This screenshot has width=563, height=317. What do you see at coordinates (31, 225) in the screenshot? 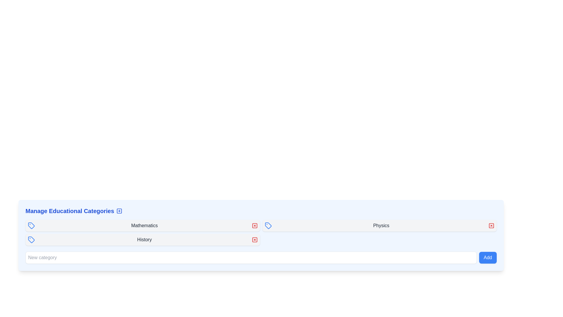
I see `the blue tag icon with a circular hole located next to the text 'Mathematics', which is the first icon in the 'Mathematics' category row` at bounding box center [31, 225].